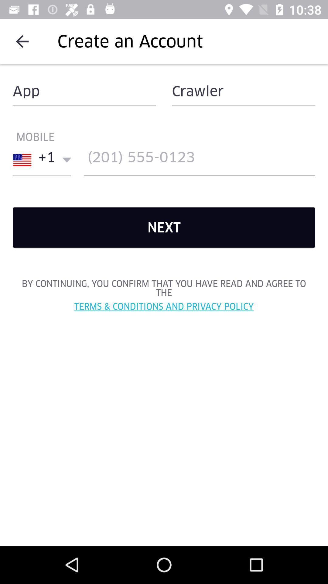 This screenshot has width=328, height=584. Describe the element at coordinates (84, 91) in the screenshot. I see `the text below the create an account` at that location.